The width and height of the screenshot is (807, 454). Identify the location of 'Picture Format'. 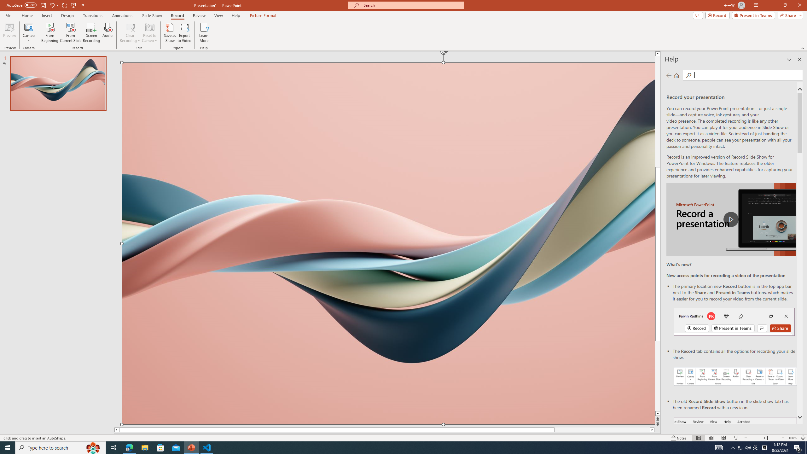
(263, 15).